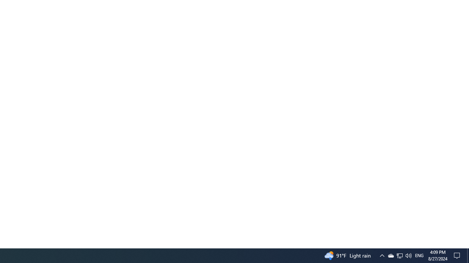 The width and height of the screenshot is (469, 263). Describe the element at coordinates (381, 255) in the screenshot. I see `'Notification Chevron'` at that location.